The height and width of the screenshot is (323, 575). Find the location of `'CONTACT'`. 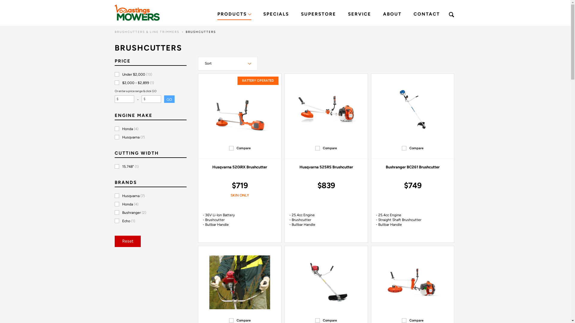

'CONTACT' is located at coordinates (426, 15).